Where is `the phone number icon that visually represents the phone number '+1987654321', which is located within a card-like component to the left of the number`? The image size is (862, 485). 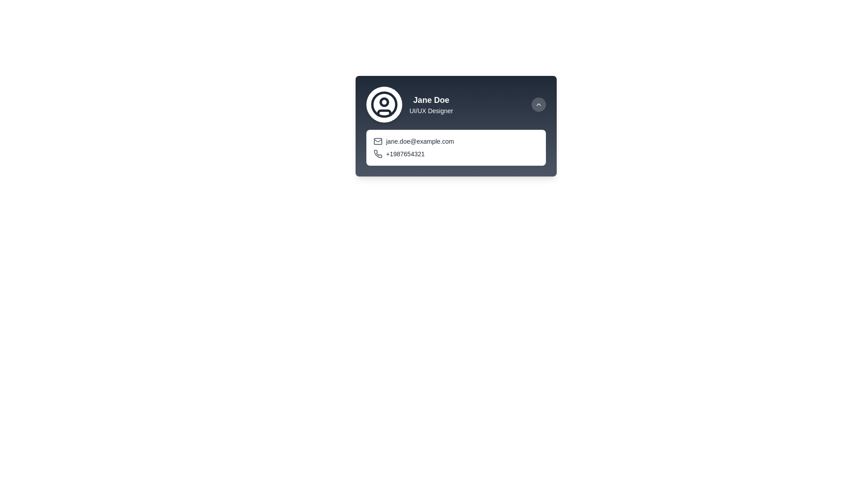
the phone number icon that visually represents the phone number '+1987654321', which is located within a card-like component to the left of the number is located at coordinates (378, 154).